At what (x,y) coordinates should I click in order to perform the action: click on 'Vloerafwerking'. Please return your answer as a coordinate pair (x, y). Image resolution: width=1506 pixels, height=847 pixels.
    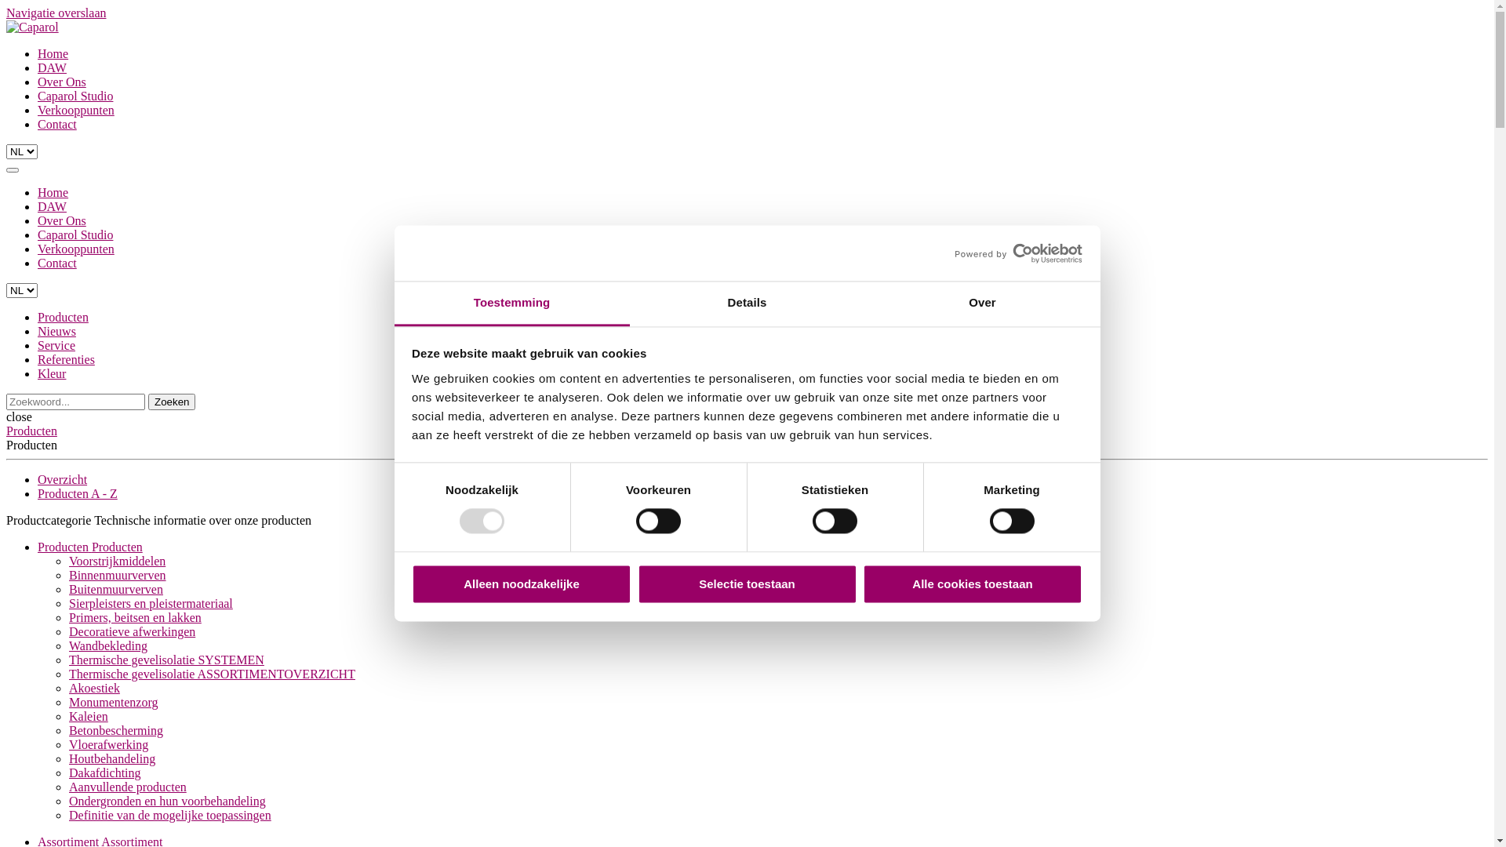
    Looking at the image, I should click on (107, 743).